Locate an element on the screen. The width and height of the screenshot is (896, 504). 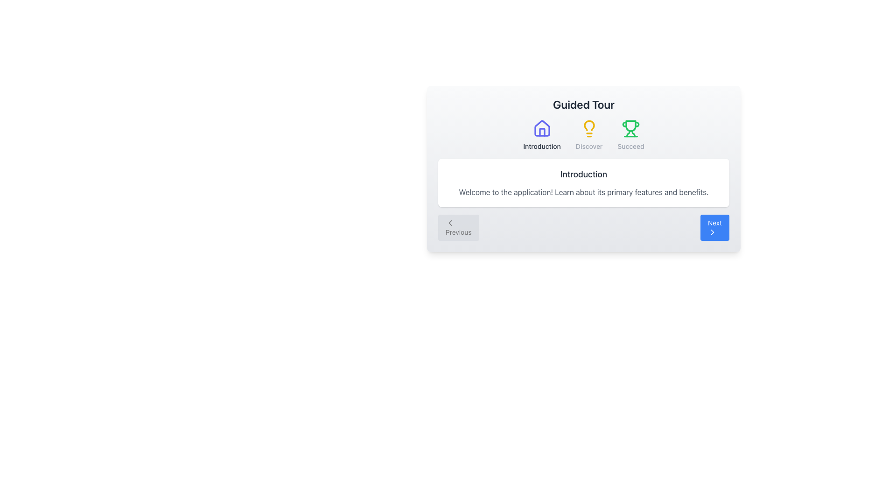
the Text Block that says 'Welcome to the application! Learn about its primary features and benefits.' which is located under the 'Introduction' header within a white card element is located at coordinates (583, 192).